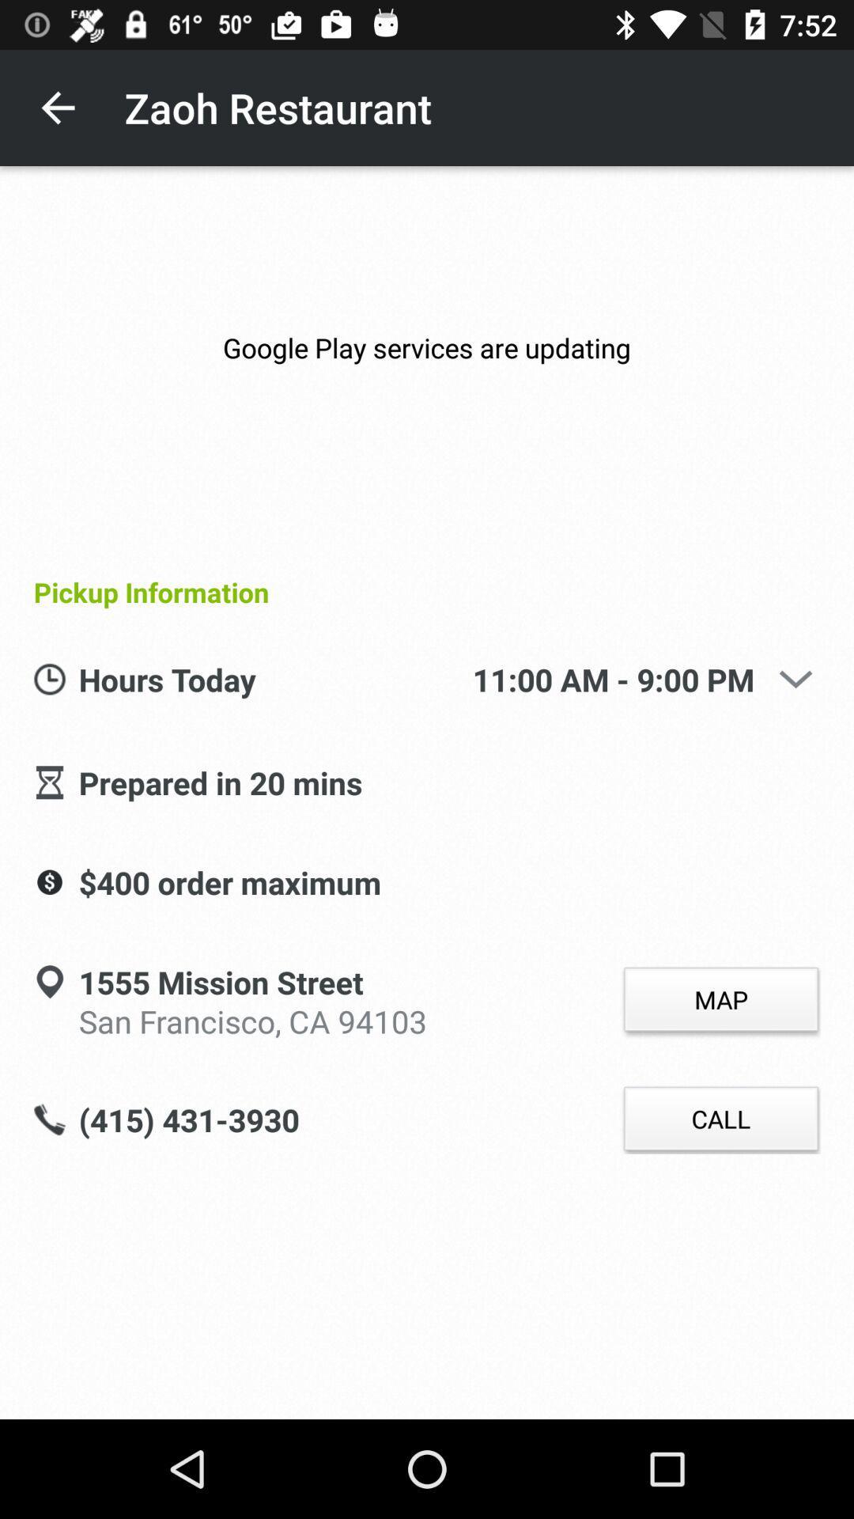  What do you see at coordinates (427, 347) in the screenshot?
I see `item above the pickup information` at bounding box center [427, 347].